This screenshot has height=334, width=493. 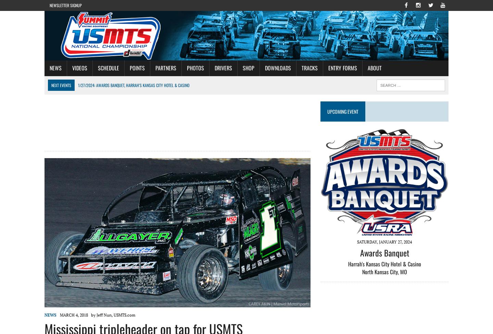 What do you see at coordinates (61, 84) in the screenshot?
I see `'Next Events'` at bounding box center [61, 84].